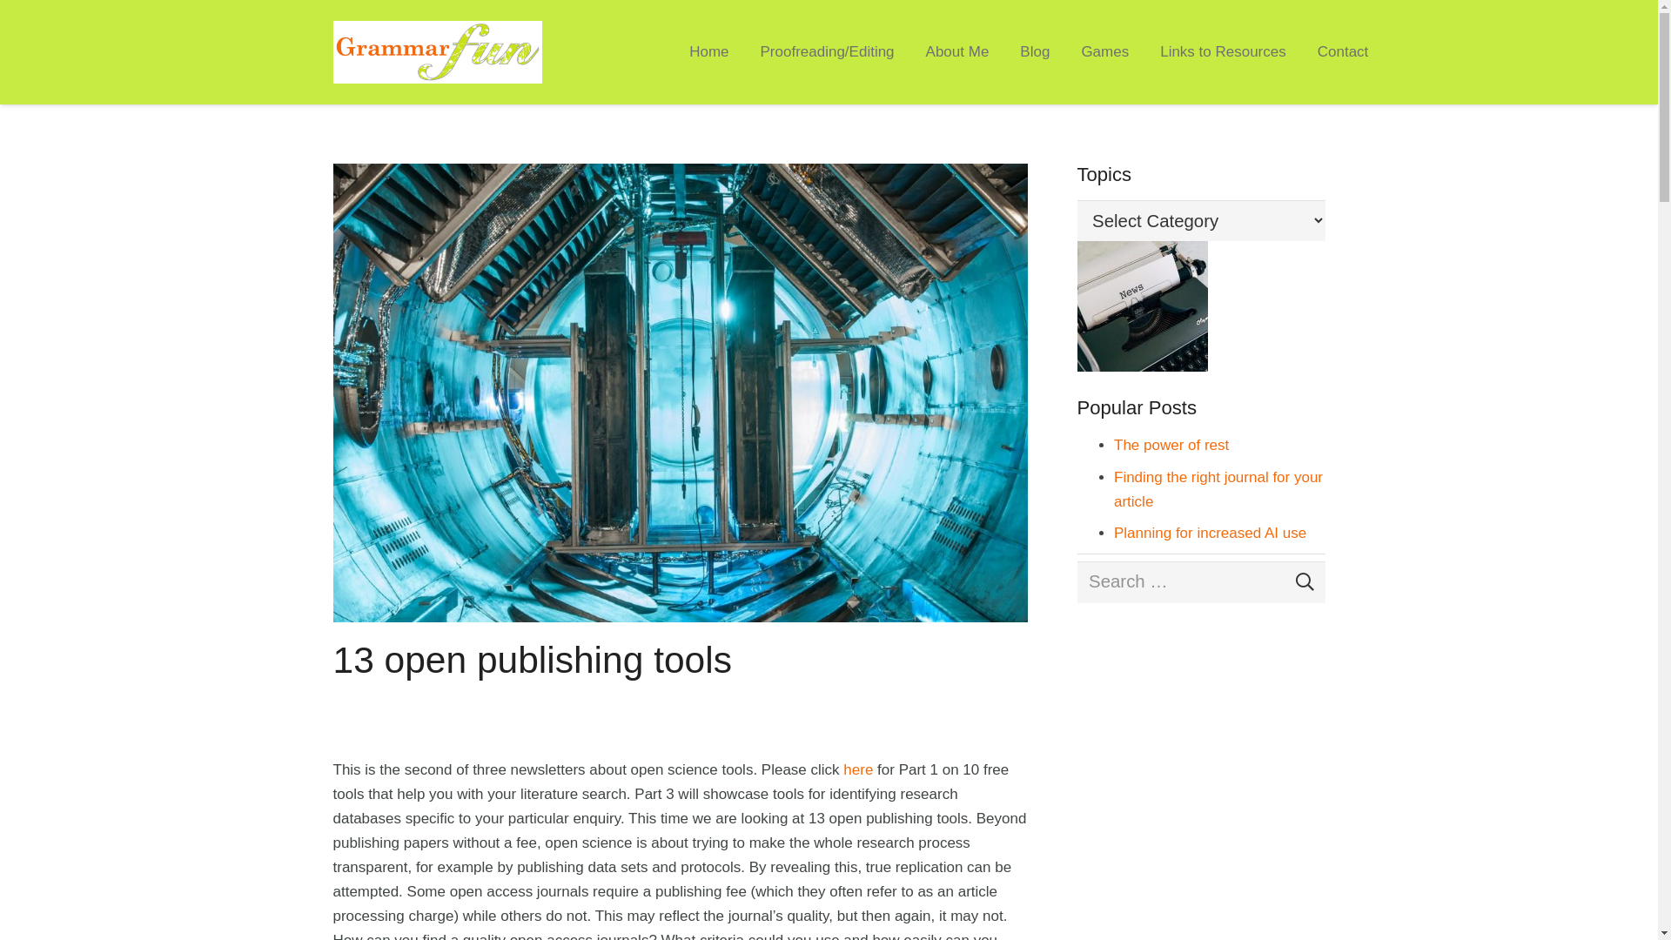 Image resolution: width=1671 pixels, height=940 pixels. I want to click on 'The power of rest', so click(1171, 444).